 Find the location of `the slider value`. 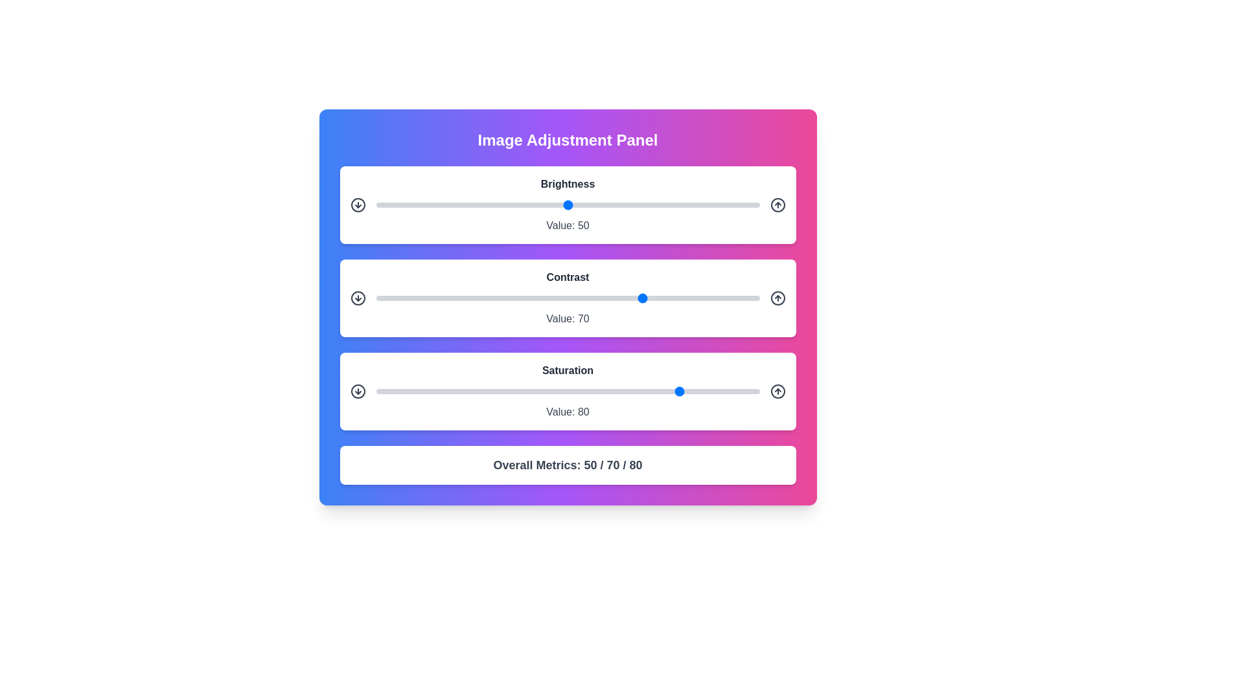

the slider value is located at coordinates (487, 391).